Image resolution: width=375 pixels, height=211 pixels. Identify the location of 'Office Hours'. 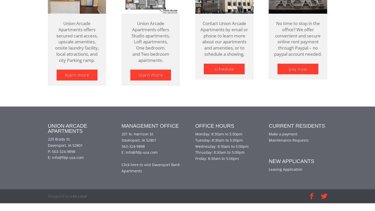
(214, 134).